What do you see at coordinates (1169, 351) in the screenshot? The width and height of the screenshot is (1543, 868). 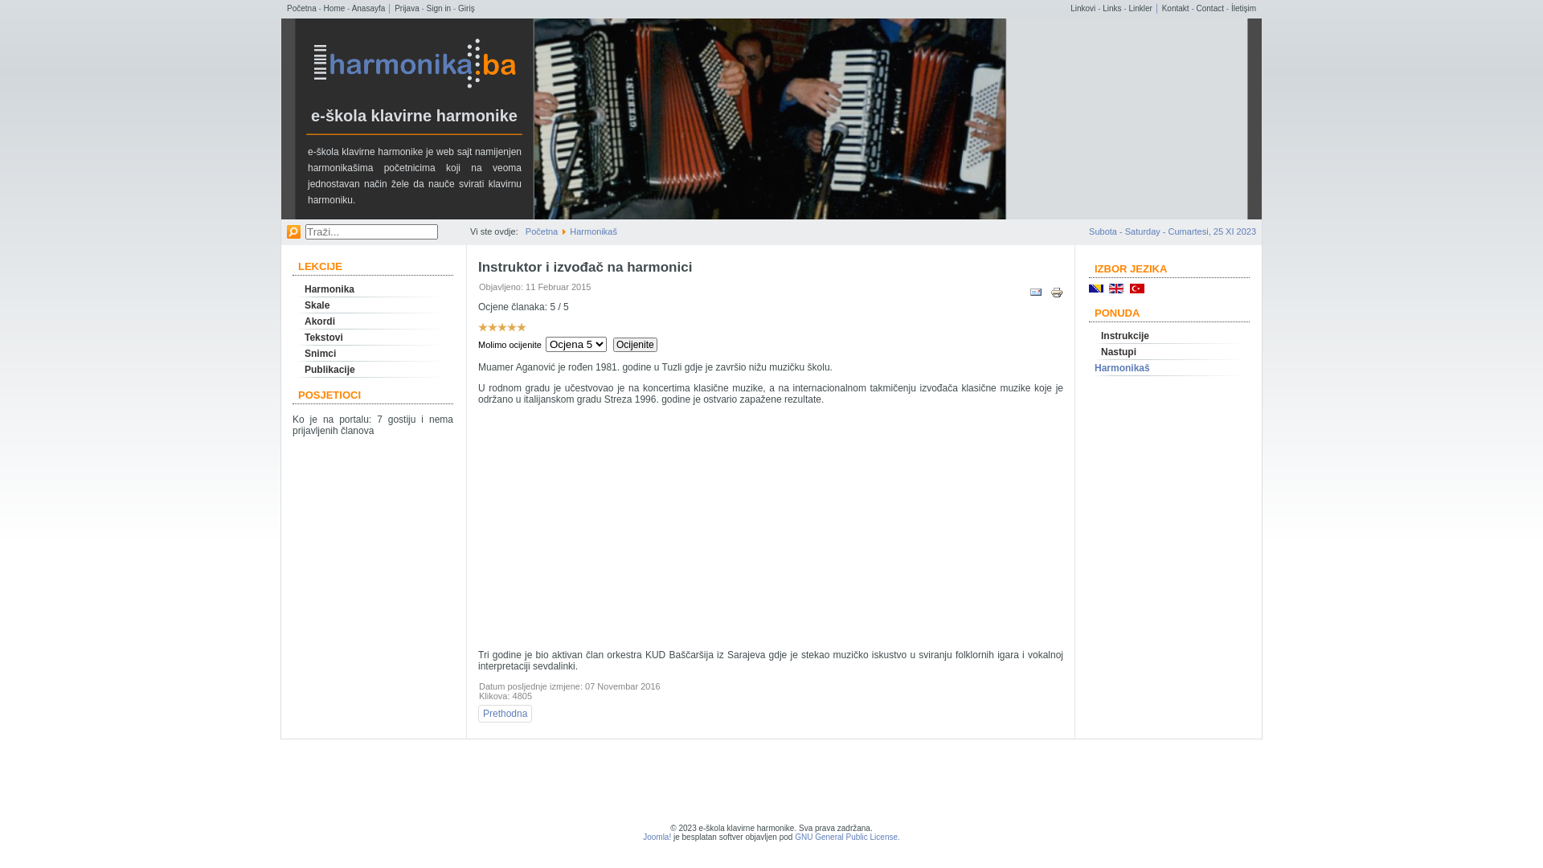 I see `'Nastupi'` at bounding box center [1169, 351].